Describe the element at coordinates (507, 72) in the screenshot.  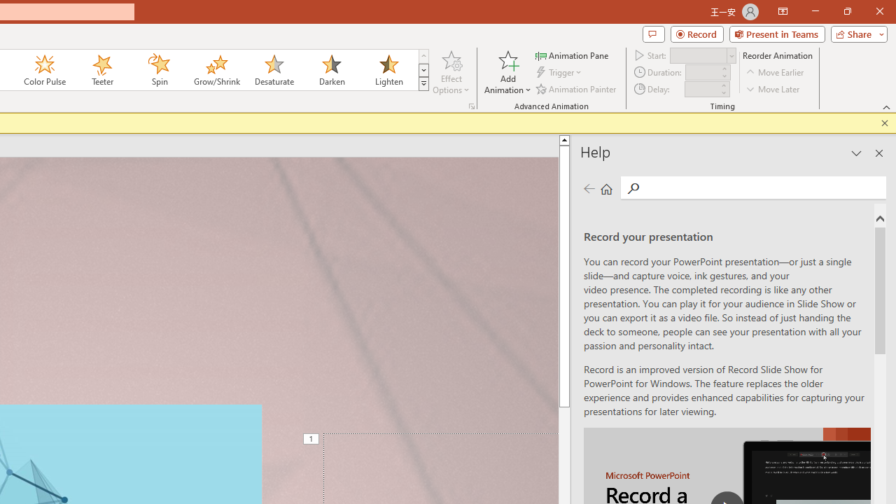
I see `'Add Animation'` at that location.